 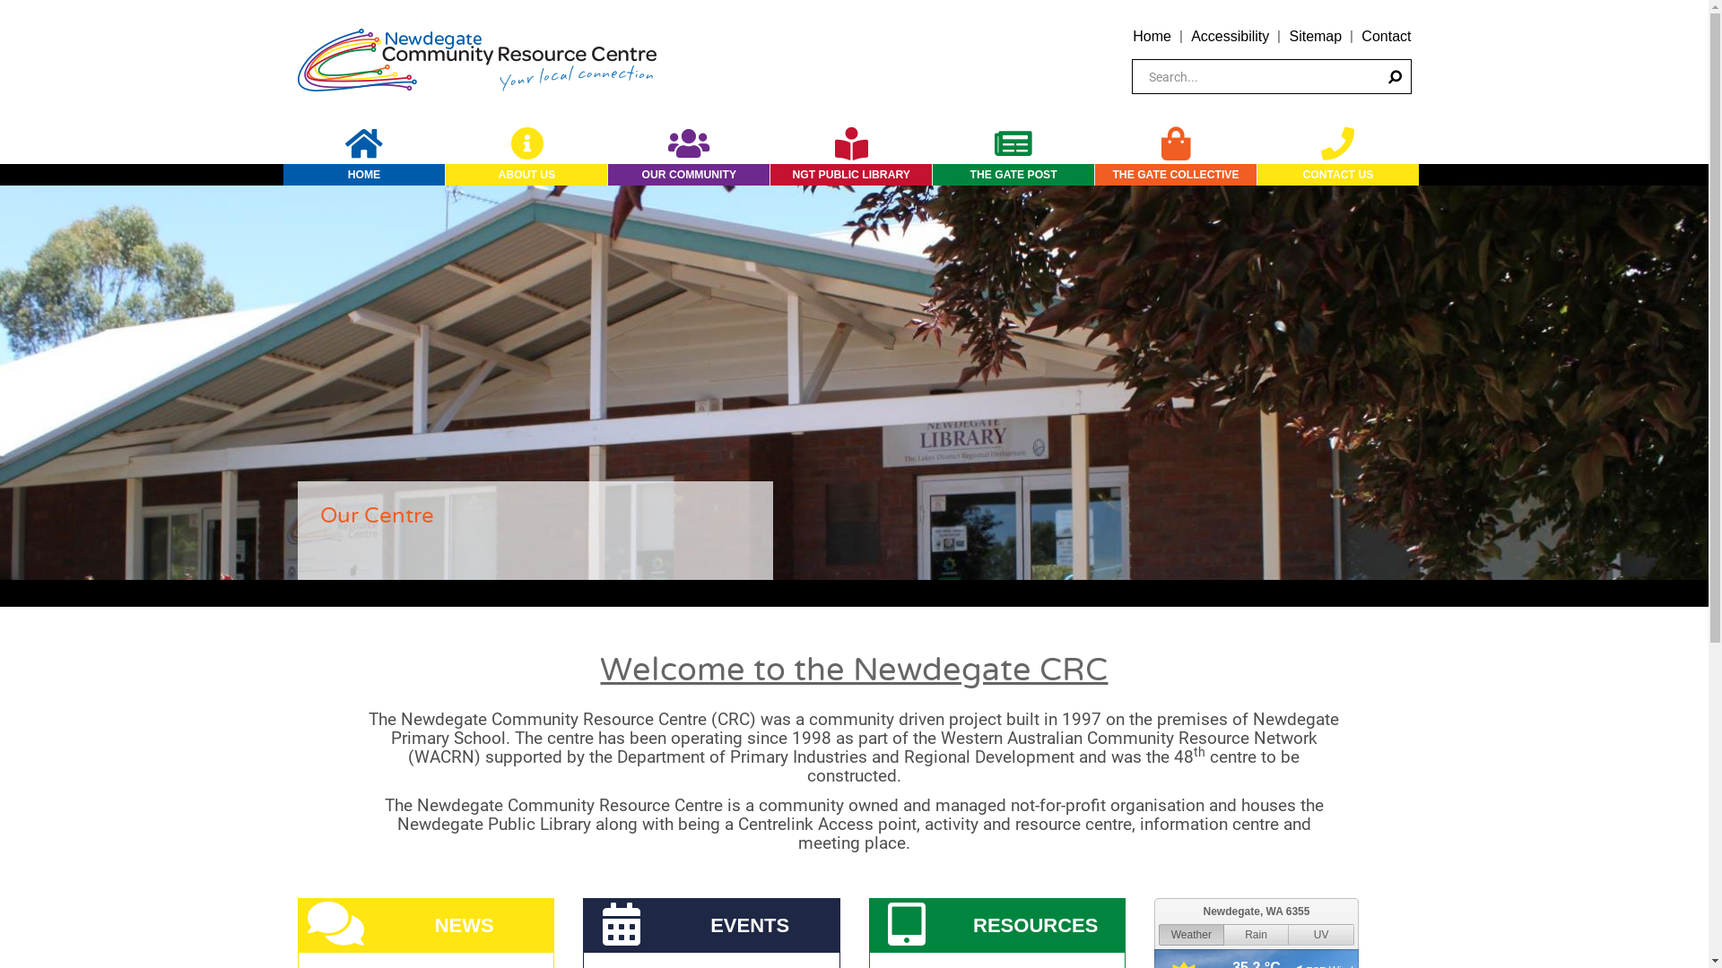 What do you see at coordinates (607, 175) in the screenshot?
I see `'OUR COMMUNITY'` at bounding box center [607, 175].